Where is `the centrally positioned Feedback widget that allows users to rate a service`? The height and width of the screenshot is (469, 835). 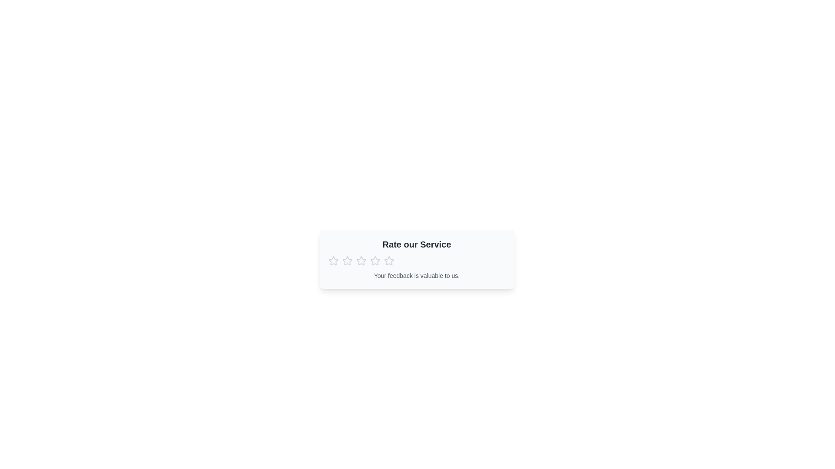
the centrally positioned Feedback widget that allows users to rate a service is located at coordinates (416, 259).